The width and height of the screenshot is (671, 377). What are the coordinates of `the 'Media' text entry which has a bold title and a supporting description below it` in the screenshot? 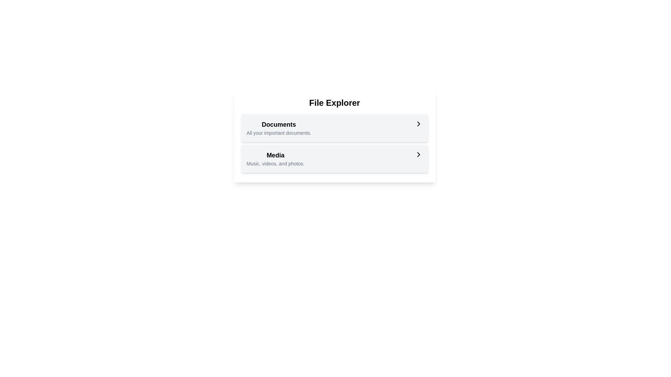 It's located at (275, 159).